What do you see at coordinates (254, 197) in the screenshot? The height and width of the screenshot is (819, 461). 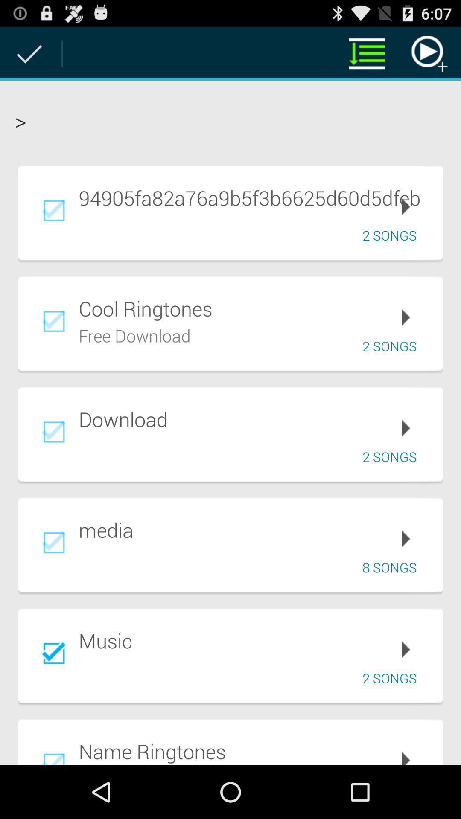 I see `94905fa82a76a9b5f3b6625d60d5dfeb app` at bounding box center [254, 197].